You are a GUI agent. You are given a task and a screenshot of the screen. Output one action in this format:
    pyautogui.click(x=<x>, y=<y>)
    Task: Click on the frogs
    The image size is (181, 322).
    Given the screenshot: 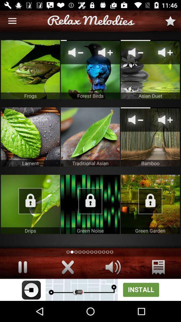 What is the action you would take?
    pyautogui.click(x=30, y=69)
    